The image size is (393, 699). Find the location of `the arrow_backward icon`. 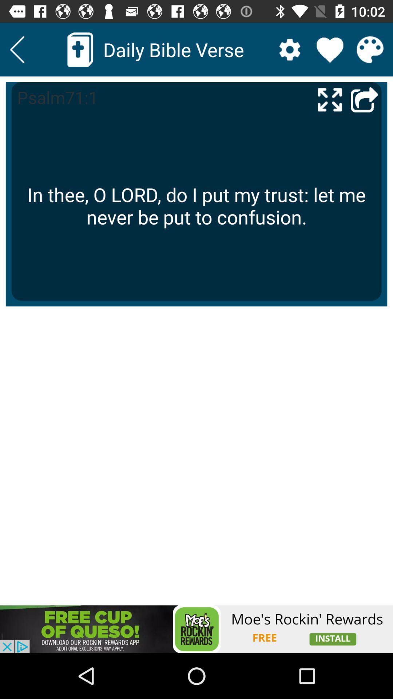

the arrow_backward icon is located at coordinates (17, 49).